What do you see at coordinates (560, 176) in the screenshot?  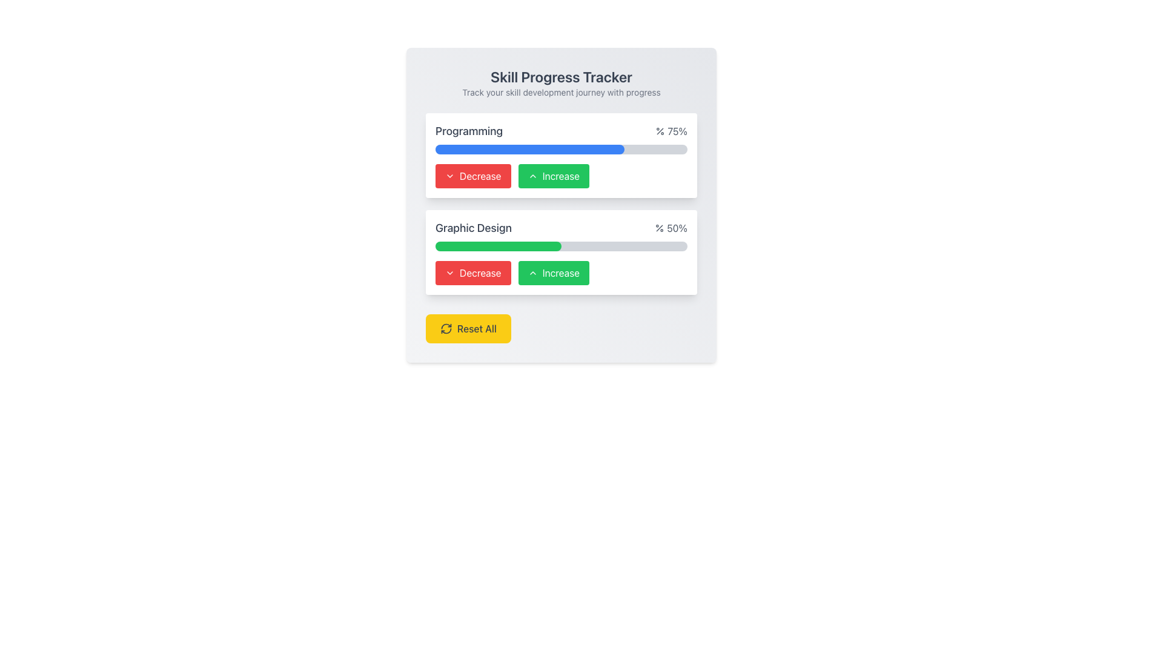 I see `the green 'Increase' button with a chevron-up icon, which is located immediately to the right of the red 'Decrease' button under the 'Programming' progress bar` at bounding box center [560, 176].